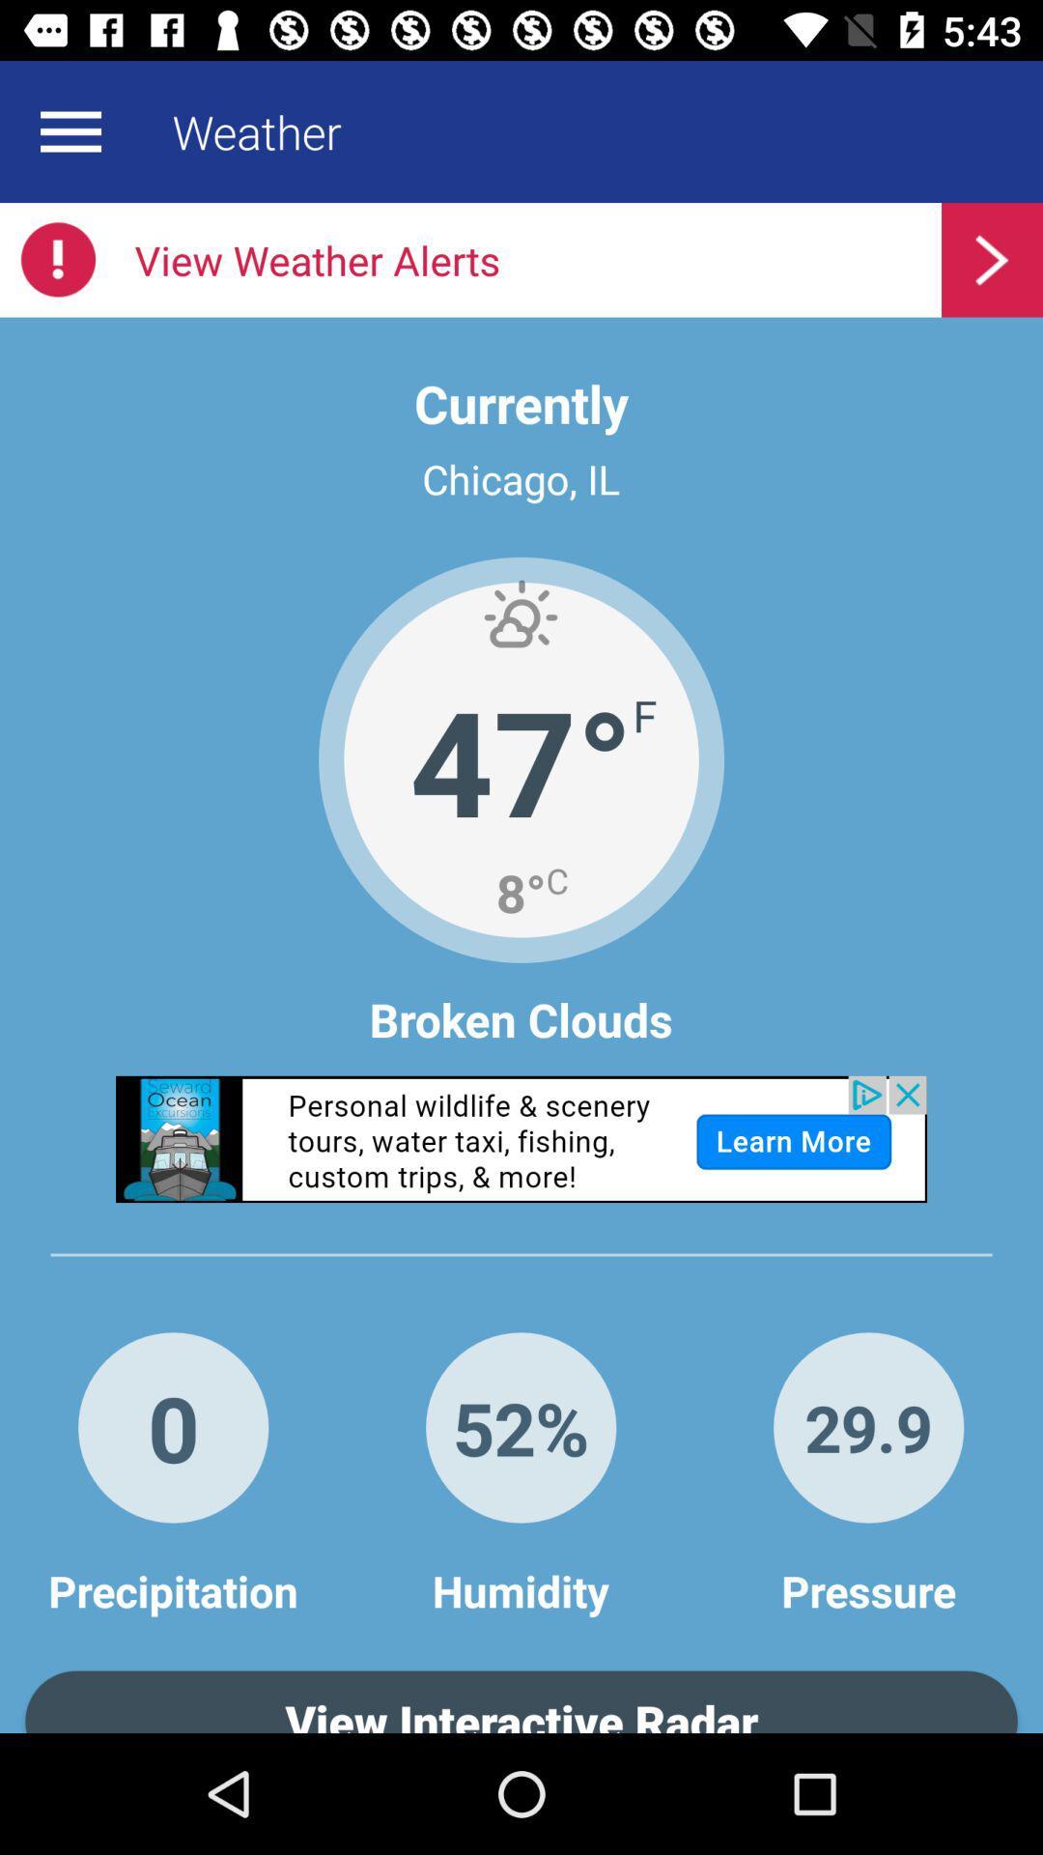 This screenshot has height=1855, width=1043. Describe the element at coordinates (70, 130) in the screenshot. I see `menu button` at that location.